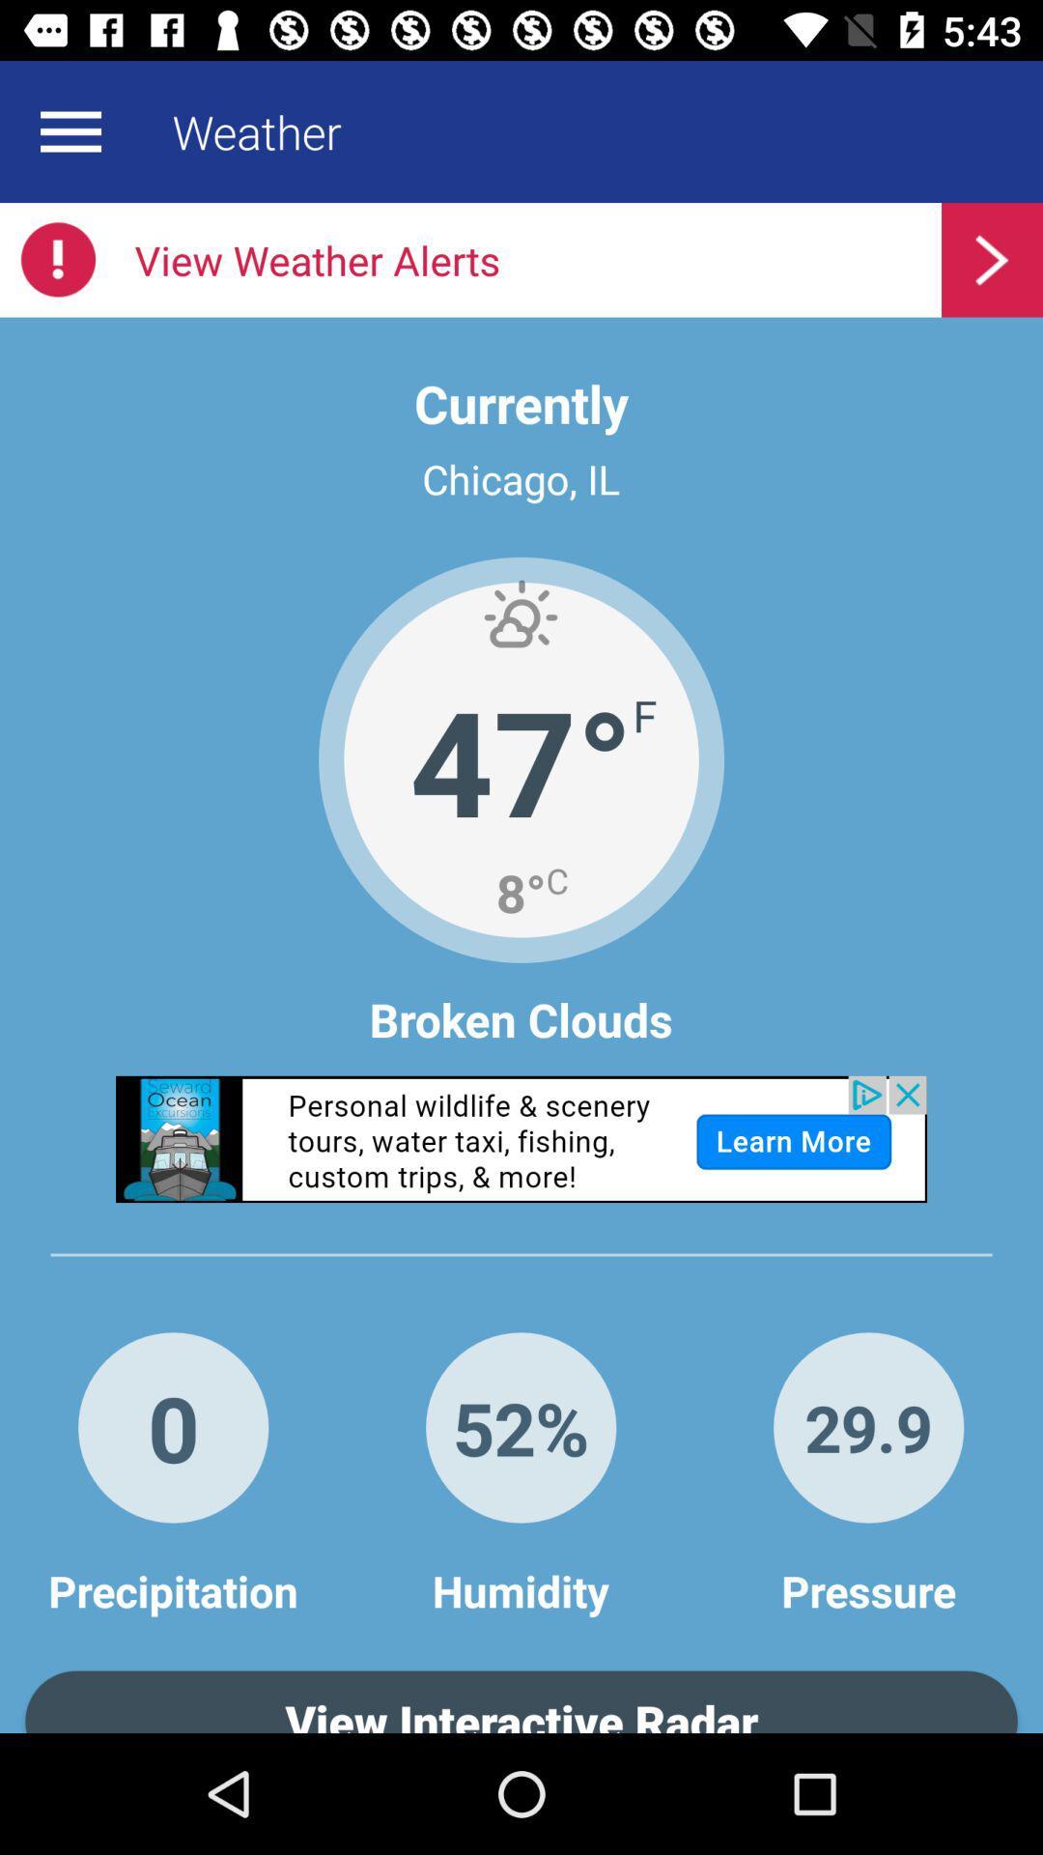 This screenshot has height=1855, width=1043. Describe the element at coordinates (70, 130) in the screenshot. I see `menu button` at that location.